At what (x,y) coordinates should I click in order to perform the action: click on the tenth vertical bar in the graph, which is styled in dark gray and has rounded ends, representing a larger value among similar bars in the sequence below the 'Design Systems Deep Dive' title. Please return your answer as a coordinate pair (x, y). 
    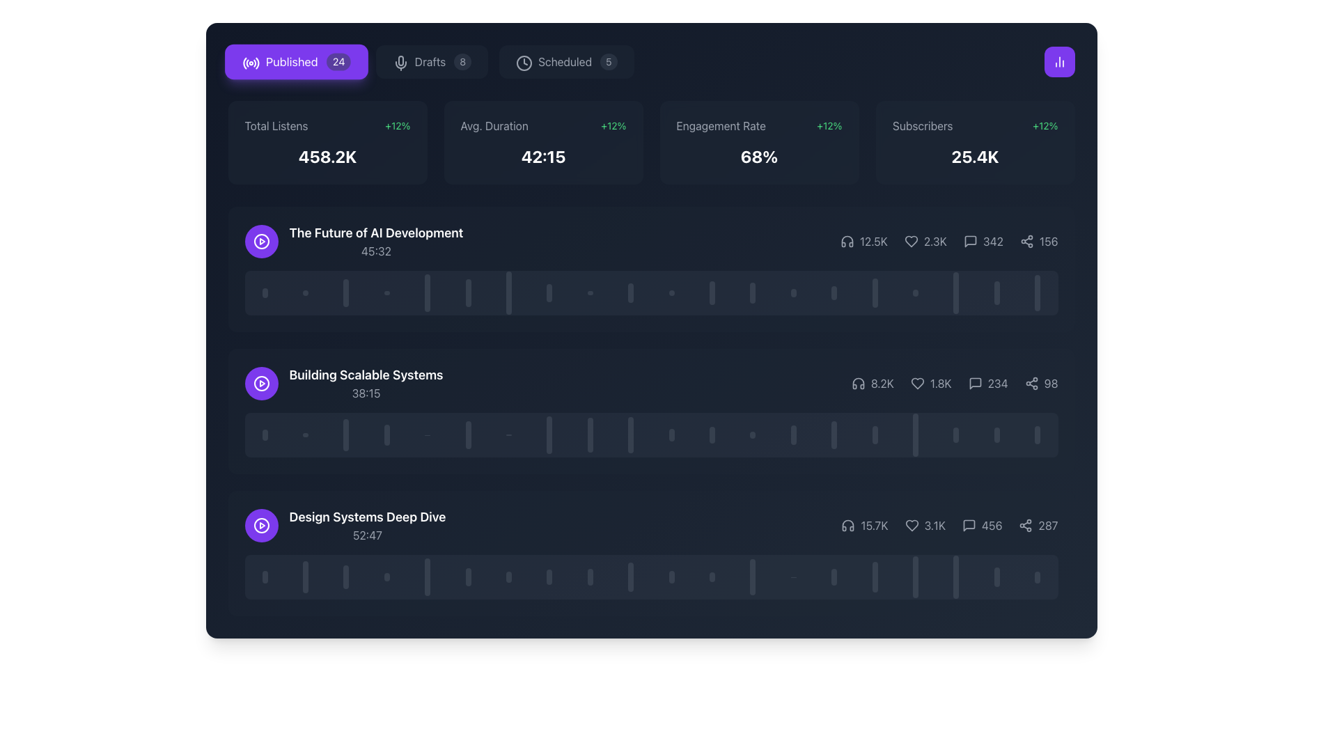
    Looking at the image, I should click on (630, 577).